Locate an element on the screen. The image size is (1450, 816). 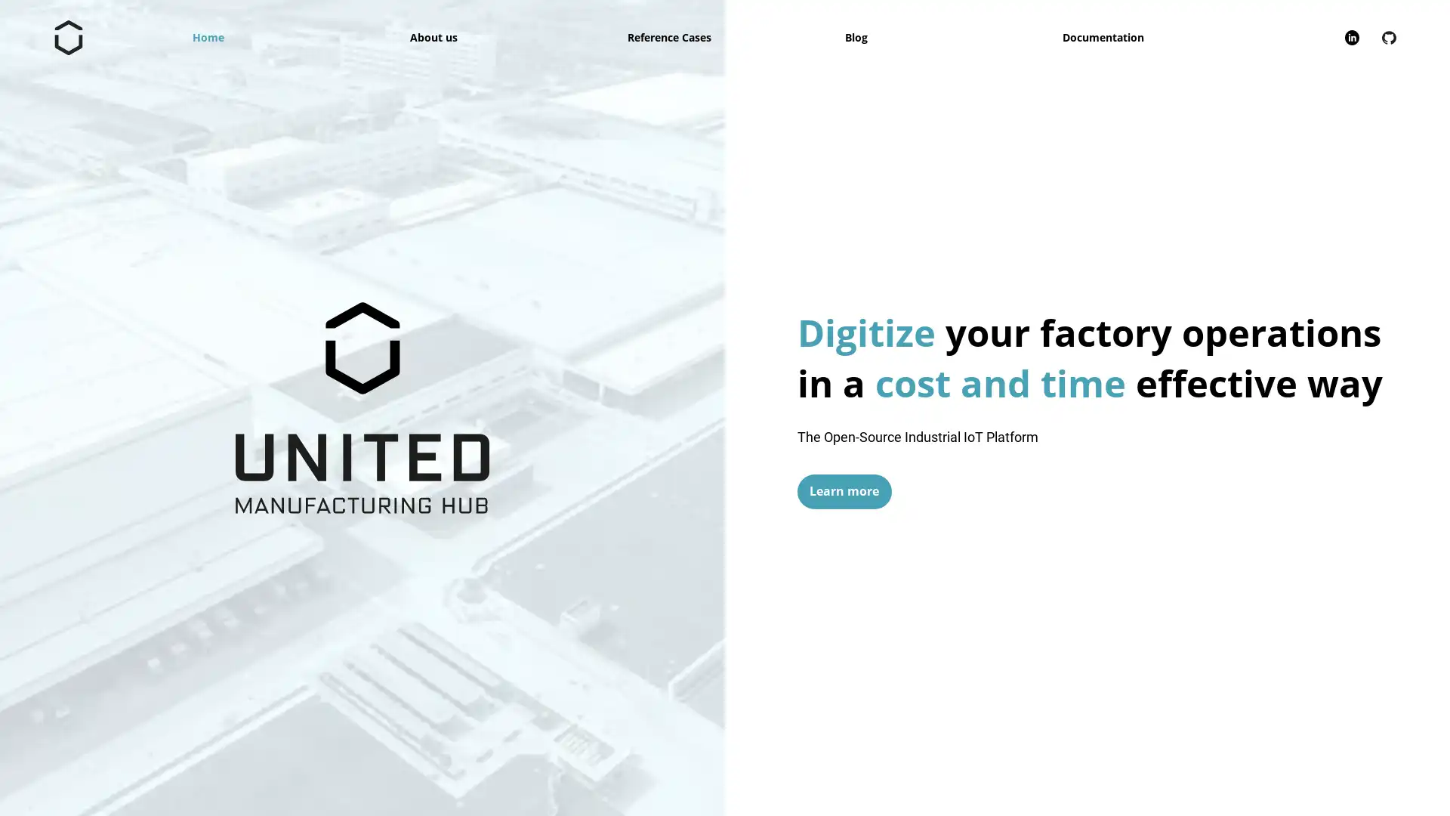
Zustimmen is located at coordinates (1370, 791).